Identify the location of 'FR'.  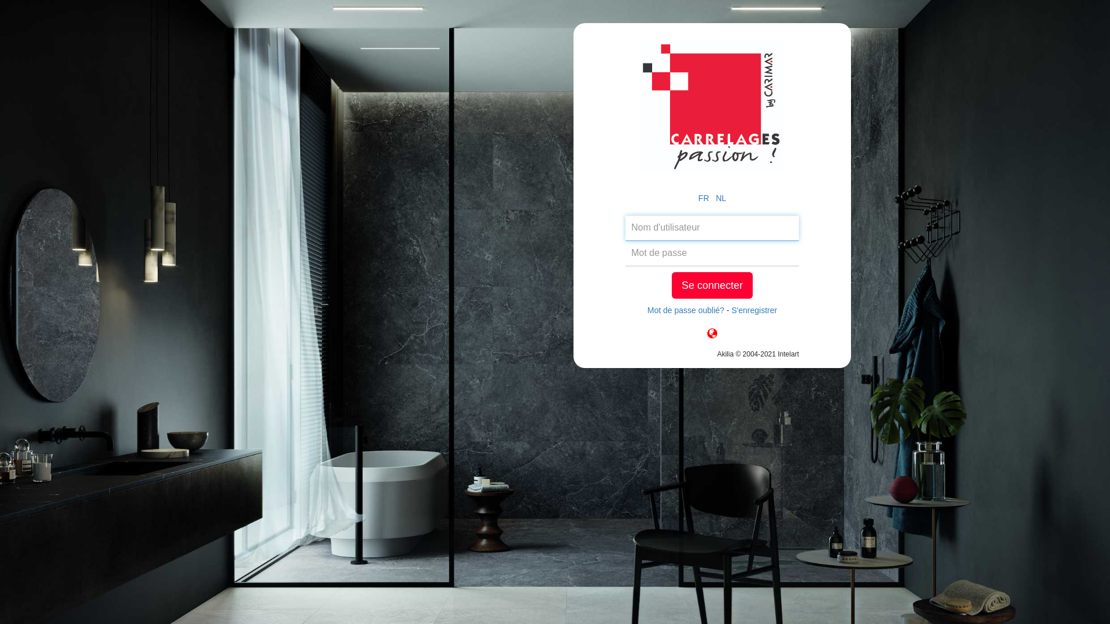
(703, 198).